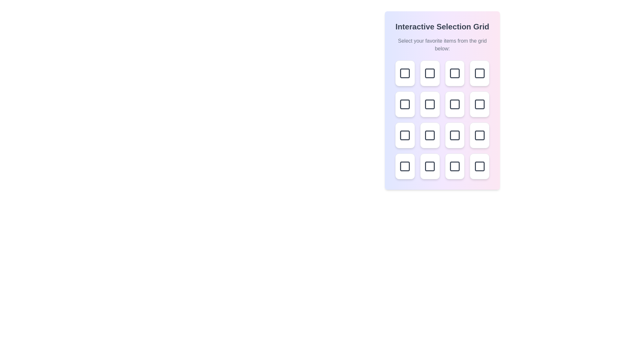 This screenshot has height=349, width=622. What do you see at coordinates (454, 166) in the screenshot?
I see `the tile-like button with a white background and rounded corners located in the last row, third column of the grid` at bounding box center [454, 166].